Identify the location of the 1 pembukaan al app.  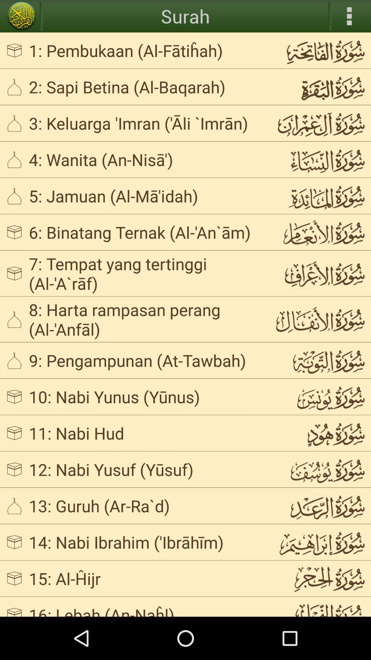
(146, 50).